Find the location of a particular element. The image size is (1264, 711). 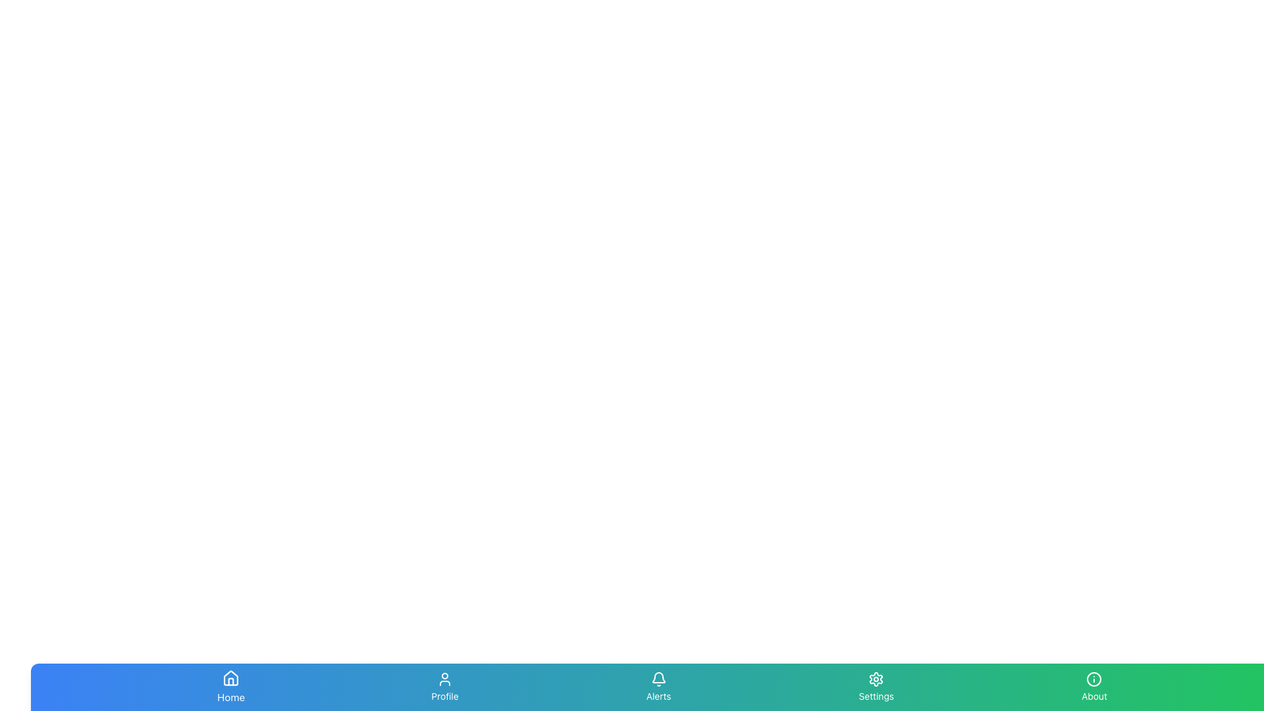

the 'Home' button located at the bottom navigation bar is located at coordinates (231, 687).